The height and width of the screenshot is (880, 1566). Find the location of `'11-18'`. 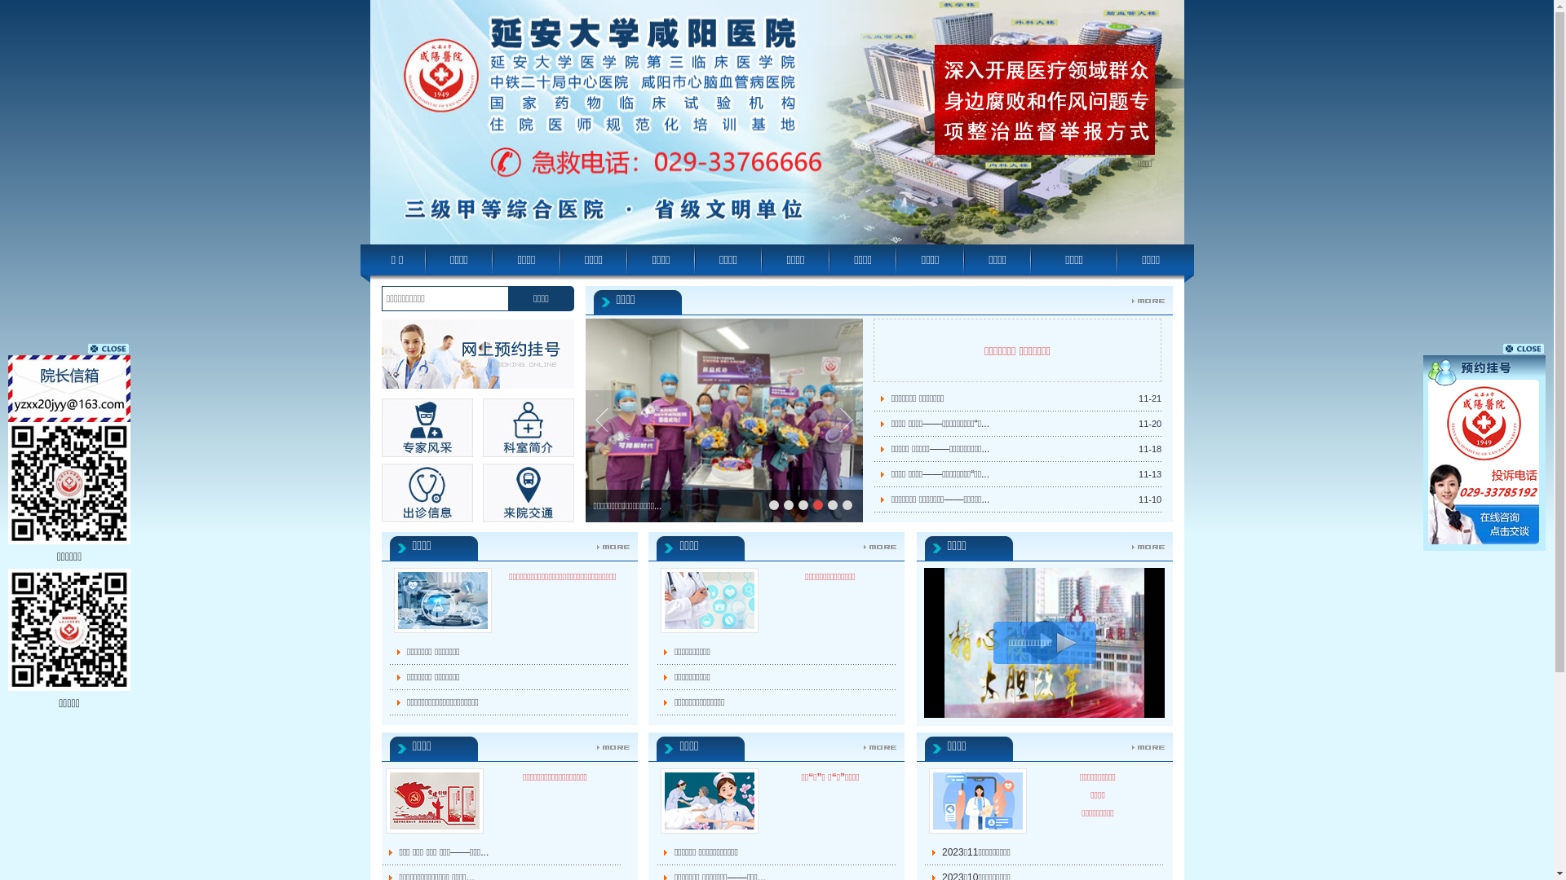

'11-18' is located at coordinates (1149, 449).